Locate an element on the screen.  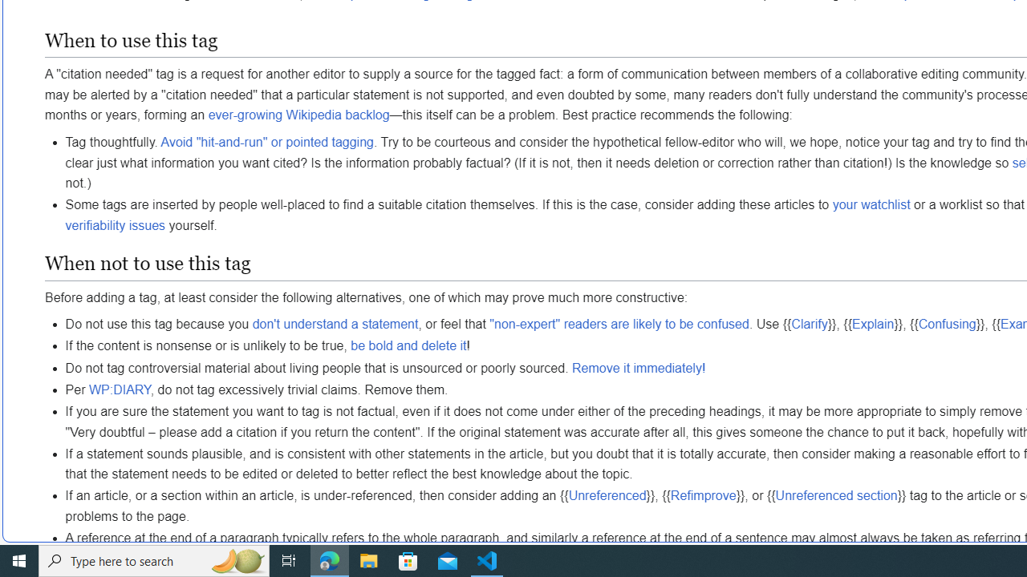
'be bold and delete it' is located at coordinates (408, 345).